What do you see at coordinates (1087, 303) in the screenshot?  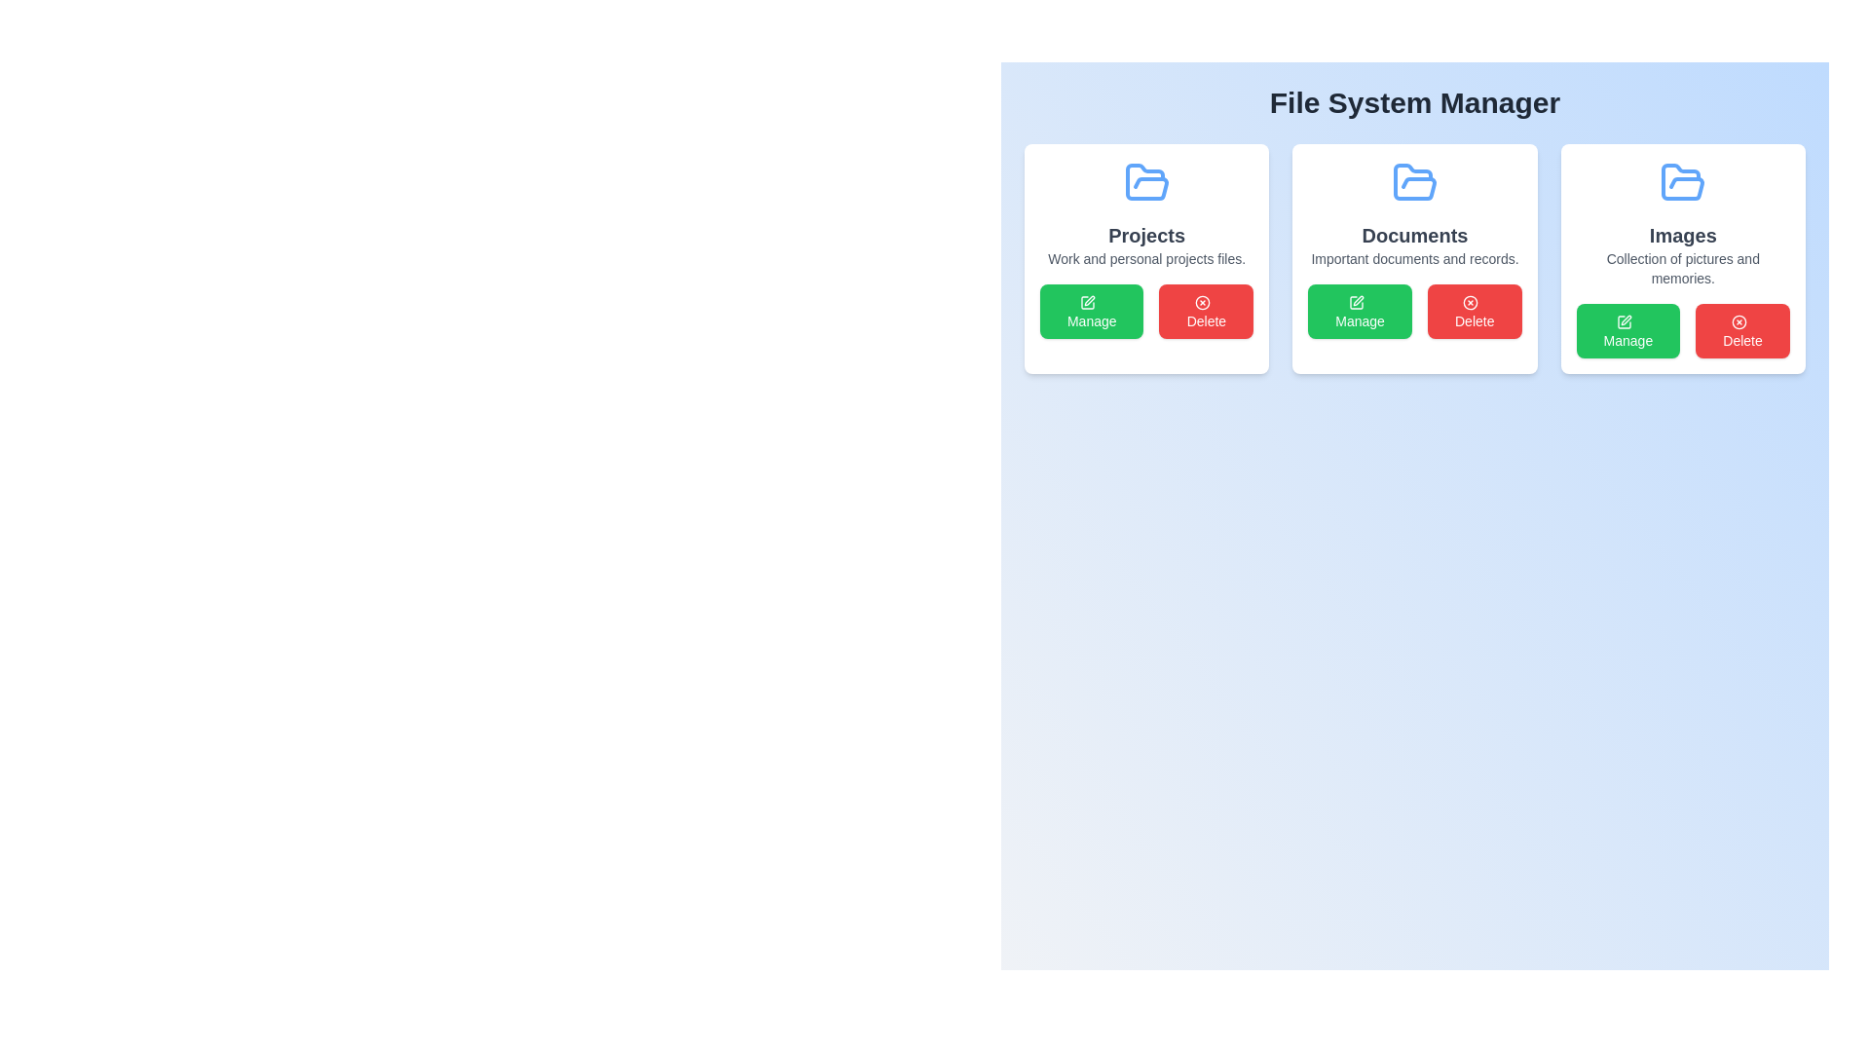 I see `the icon within the 'Manage' button, which suggests an action related` at bounding box center [1087, 303].